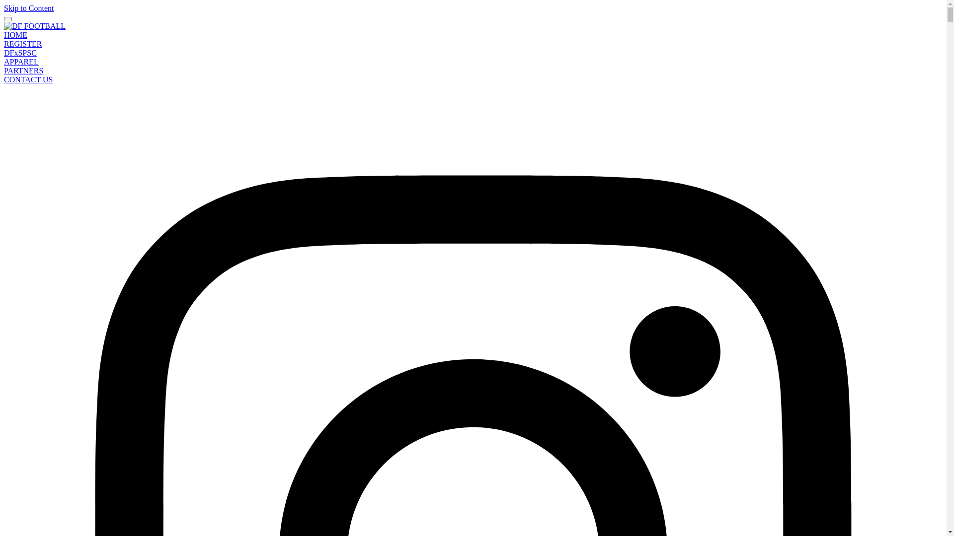 This screenshot has height=536, width=954. Describe the element at coordinates (28, 8) in the screenshot. I see `'Skip to Content'` at that location.